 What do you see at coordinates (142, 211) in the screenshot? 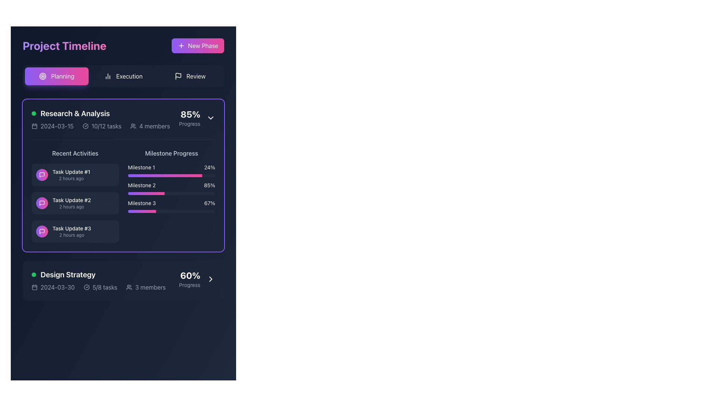
I see `the leftmost segment of the progress bar representing 'Milestone 3' in the 'Milestone Progress' section of the 'Research & Analysis' card` at bounding box center [142, 211].